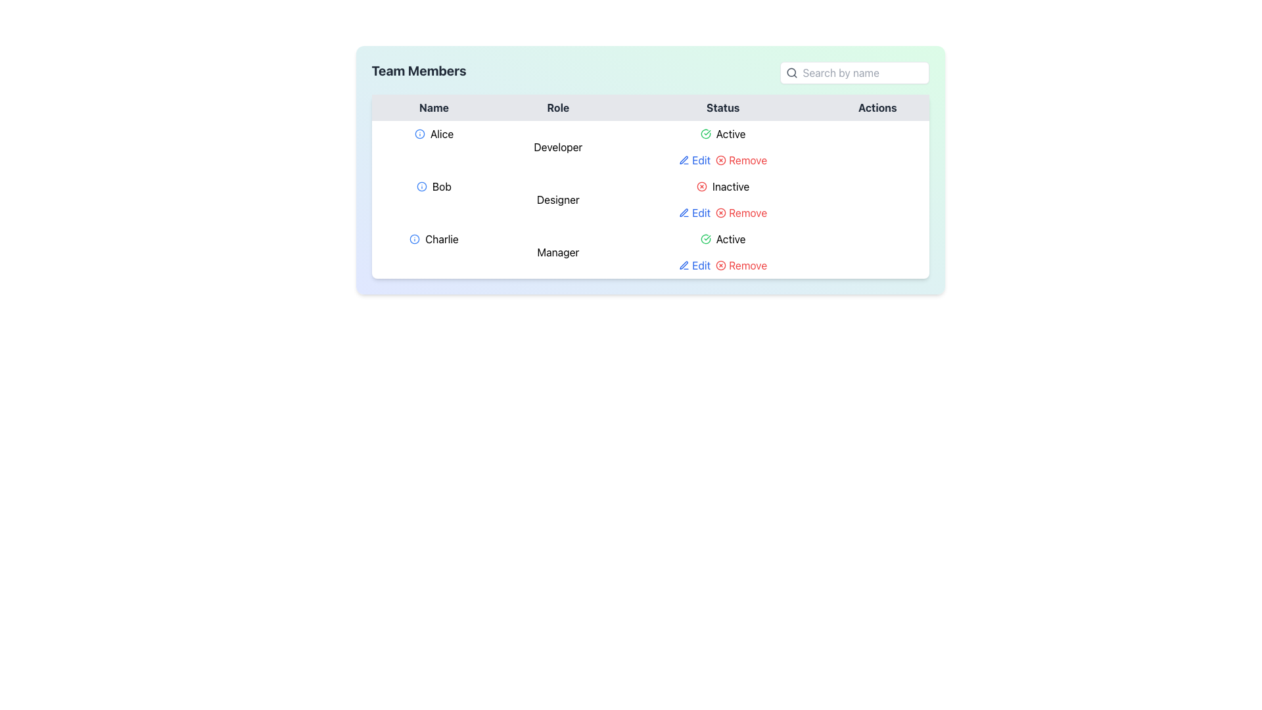 This screenshot has height=710, width=1262. I want to click on the icon next to the name 'Alice' in the first row of the 'Team Members' table, so click(419, 134).